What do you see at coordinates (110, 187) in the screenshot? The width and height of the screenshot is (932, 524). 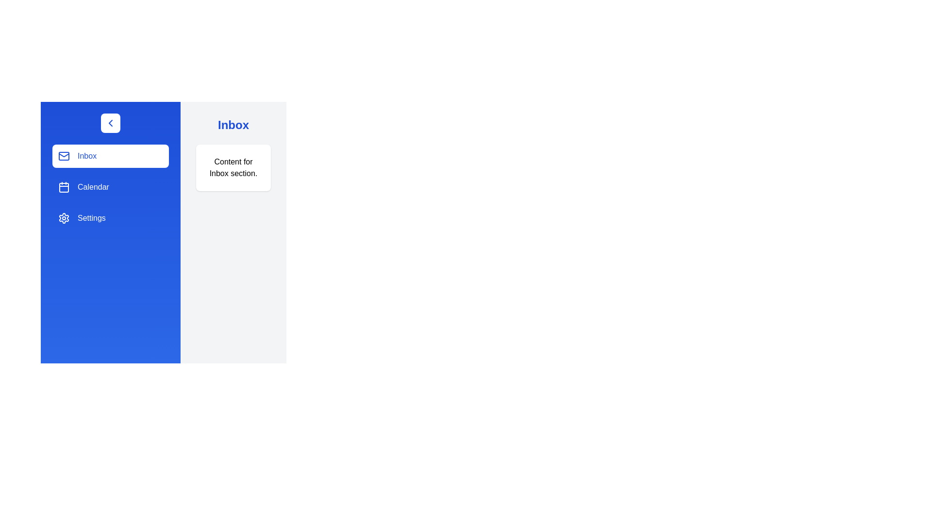 I see `the navigation item Calendar` at bounding box center [110, 187].